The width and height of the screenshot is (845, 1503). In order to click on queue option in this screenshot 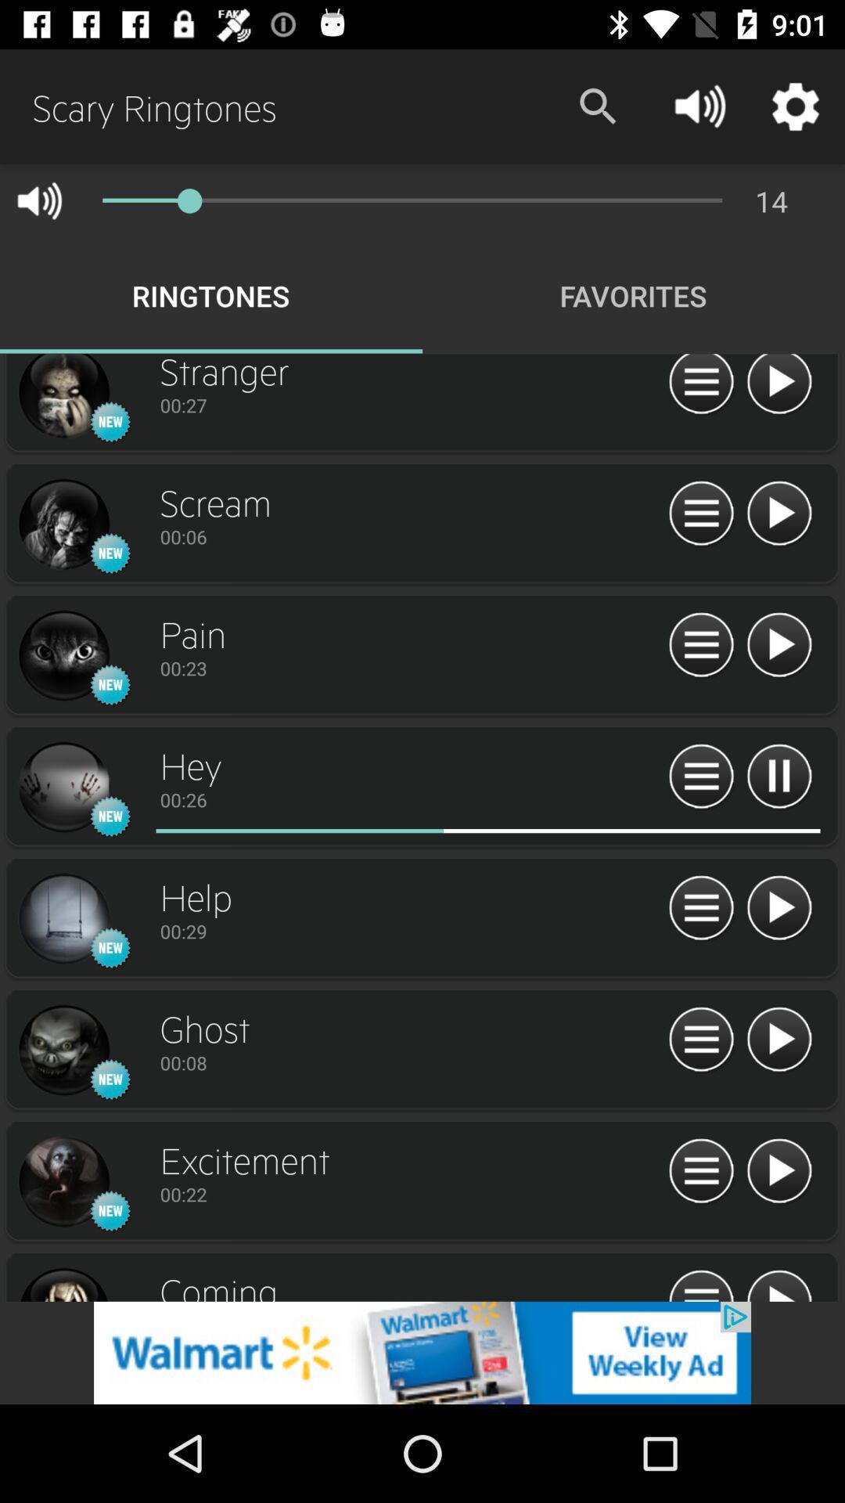, I will do `click(700, 1172)`.